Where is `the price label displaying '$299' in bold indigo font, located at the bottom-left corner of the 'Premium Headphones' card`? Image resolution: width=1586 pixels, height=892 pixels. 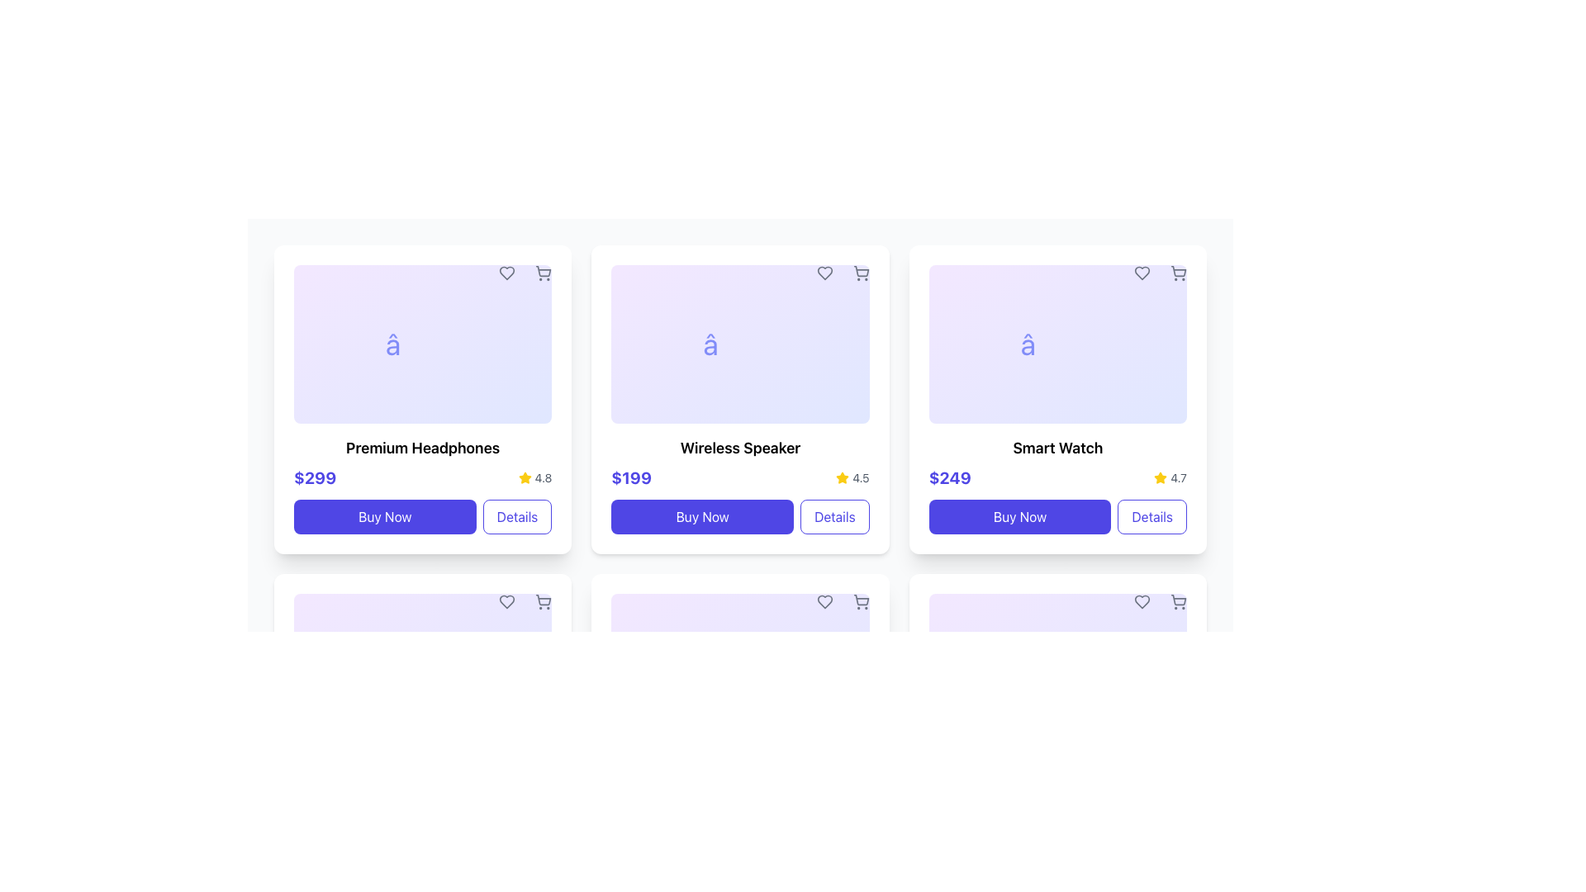 the price label displaying '$299' in bold indigo font, located at the bottom-left corner of the 'Premium Headphones' card is located at coordinates (315, 477).